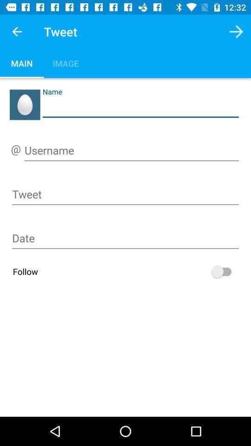 Image resolution: width=251 pixels, height=446 pixels. What do you see at coordinates (236, 32) in the screenshot?
I see `the button next to tweet` at bounding box center [236, 32].